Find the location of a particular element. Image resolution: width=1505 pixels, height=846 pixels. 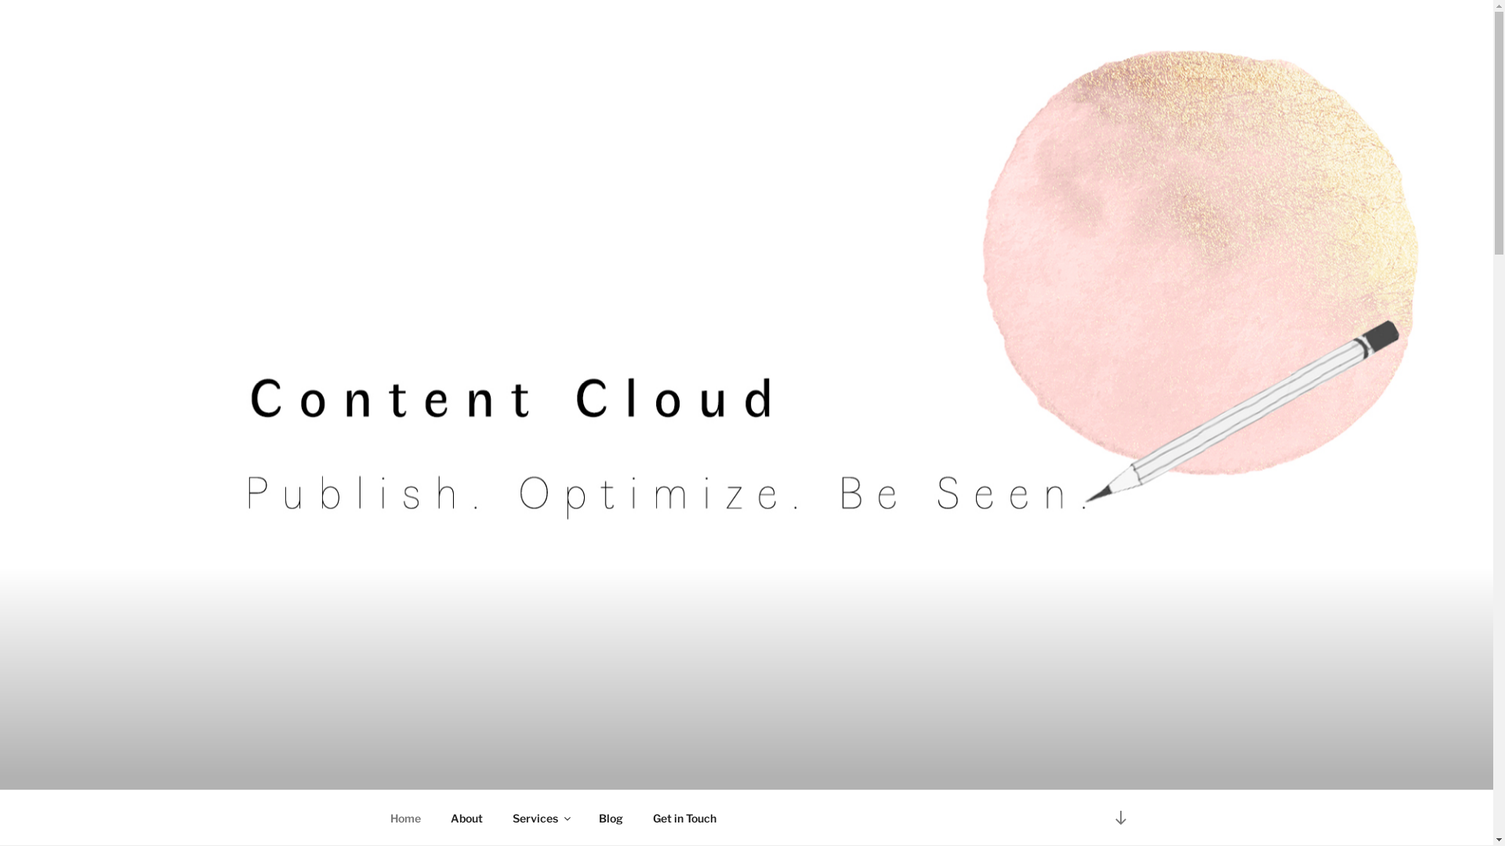

'Scroll down to content' is located at coordinates (1101, 816).